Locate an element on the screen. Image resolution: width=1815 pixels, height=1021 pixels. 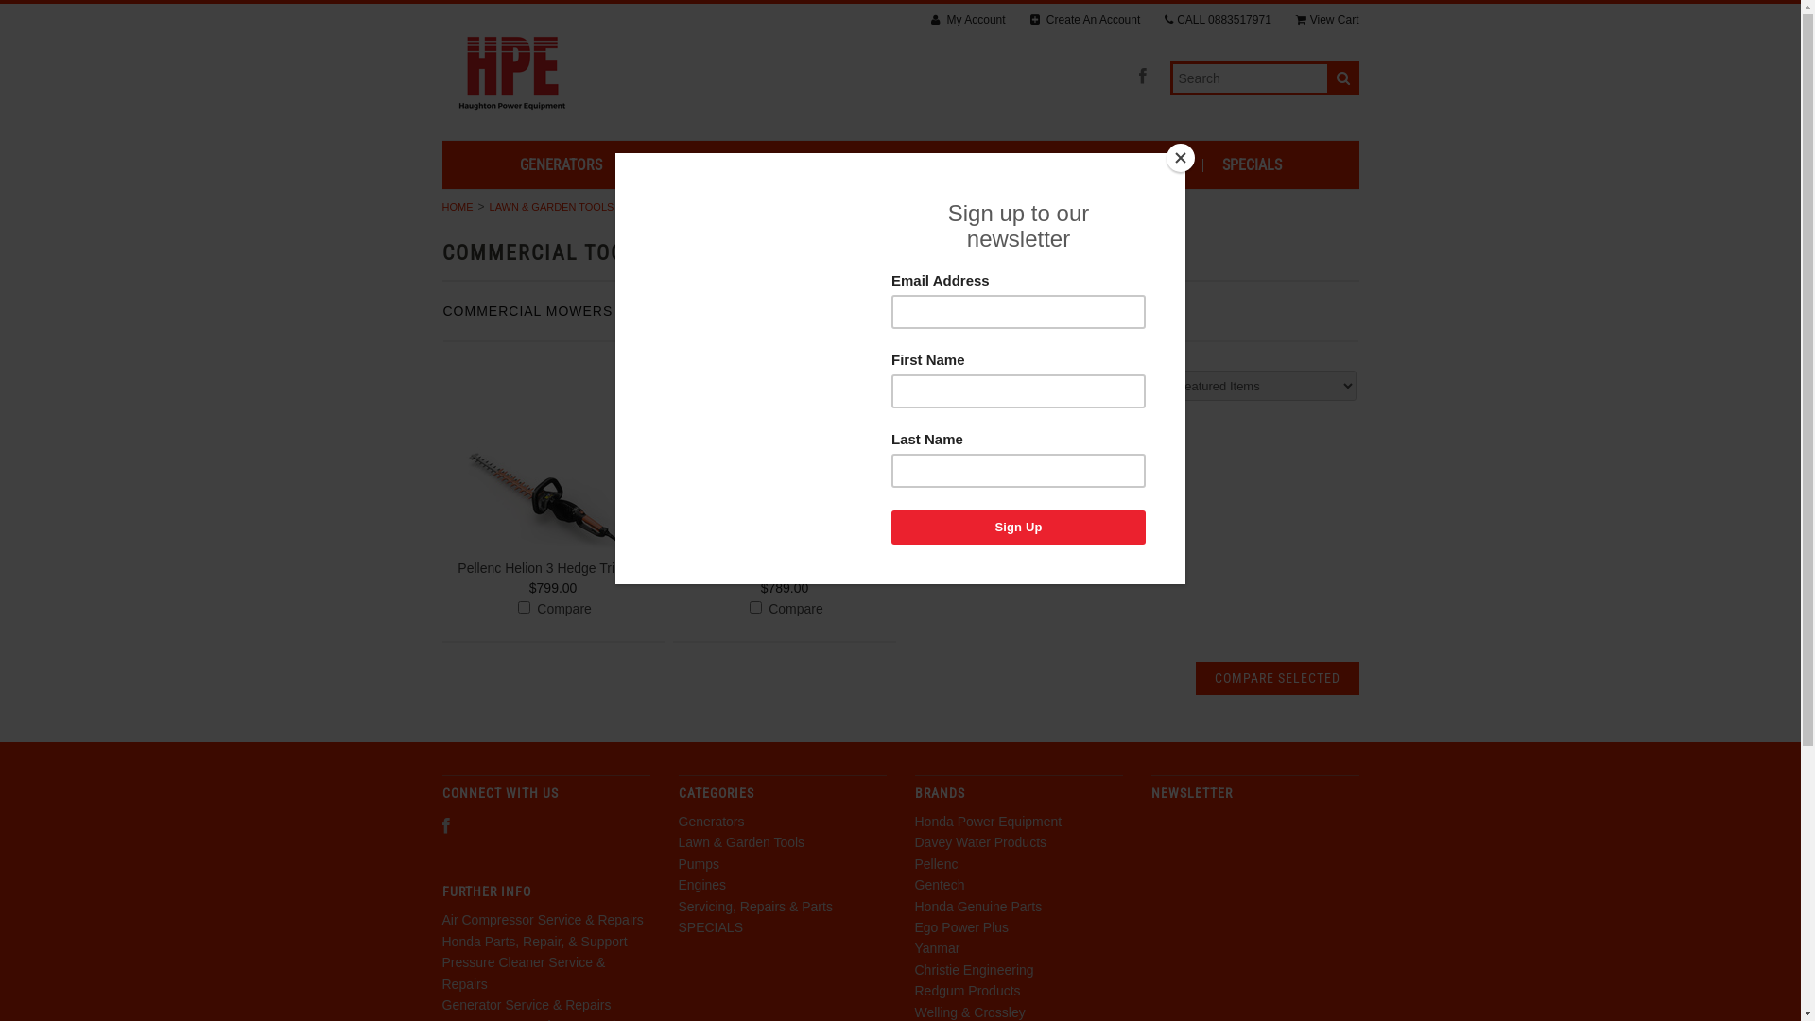
'Pellenc Helion 2 Hedge Trimmer' is located at coordinates (785, 567).